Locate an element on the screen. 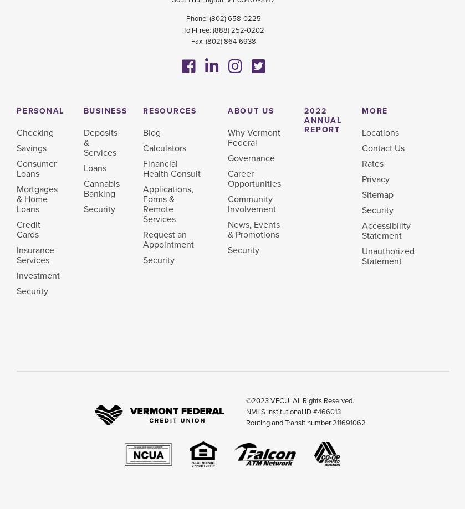  'Toll-Free:' is located at coordinates (197, 30).